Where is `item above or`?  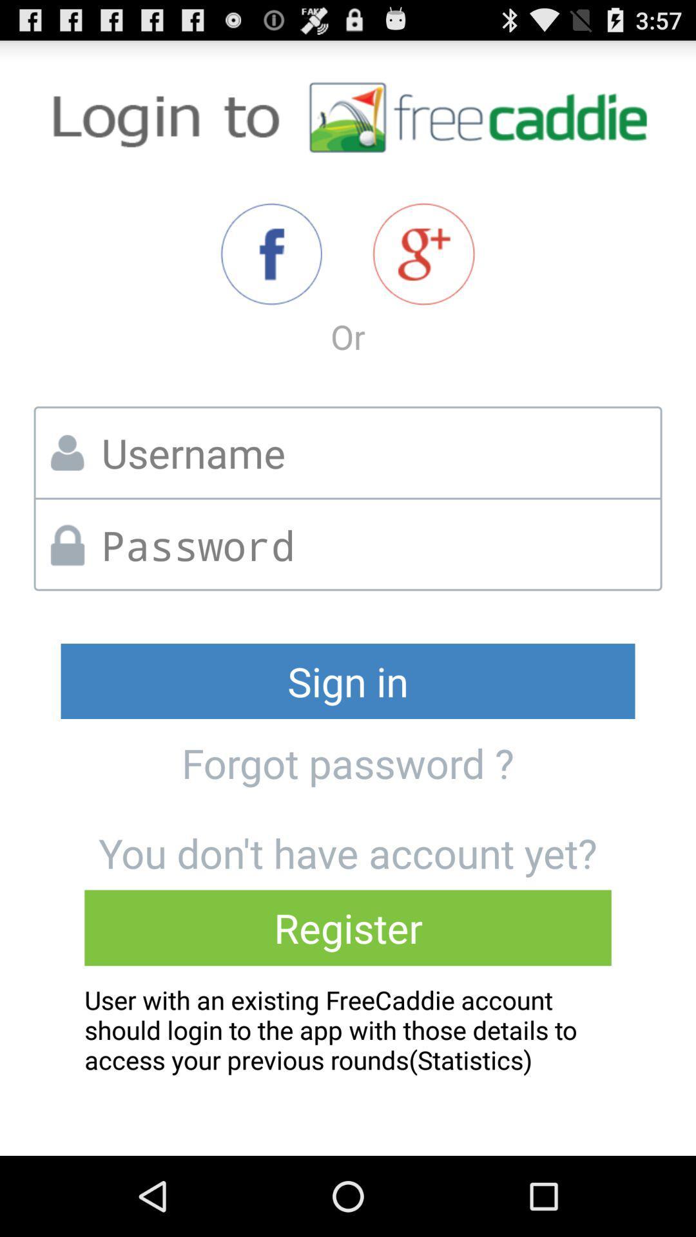 item above or is located at coordinates (423, 254).